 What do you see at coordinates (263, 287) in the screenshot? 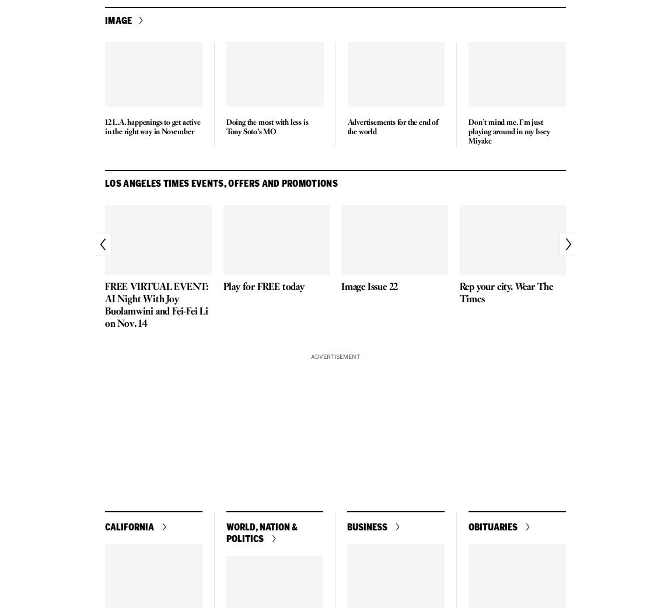
I see `'Play for FREE today'` at bounding box center [263, 287].